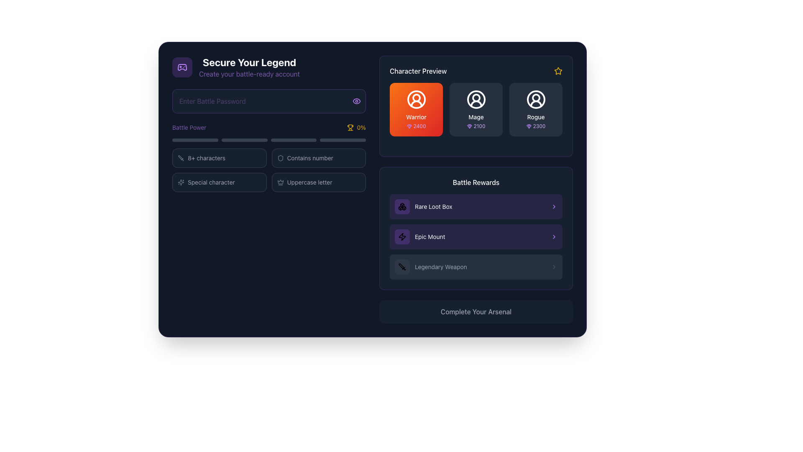  What do you see at coordinates (402, 237) in the screenshot?
I see `the static icon or button located at the top-right corner of the 'Character Preview' section to interact with its functionality` at bounding box center [402, 237].